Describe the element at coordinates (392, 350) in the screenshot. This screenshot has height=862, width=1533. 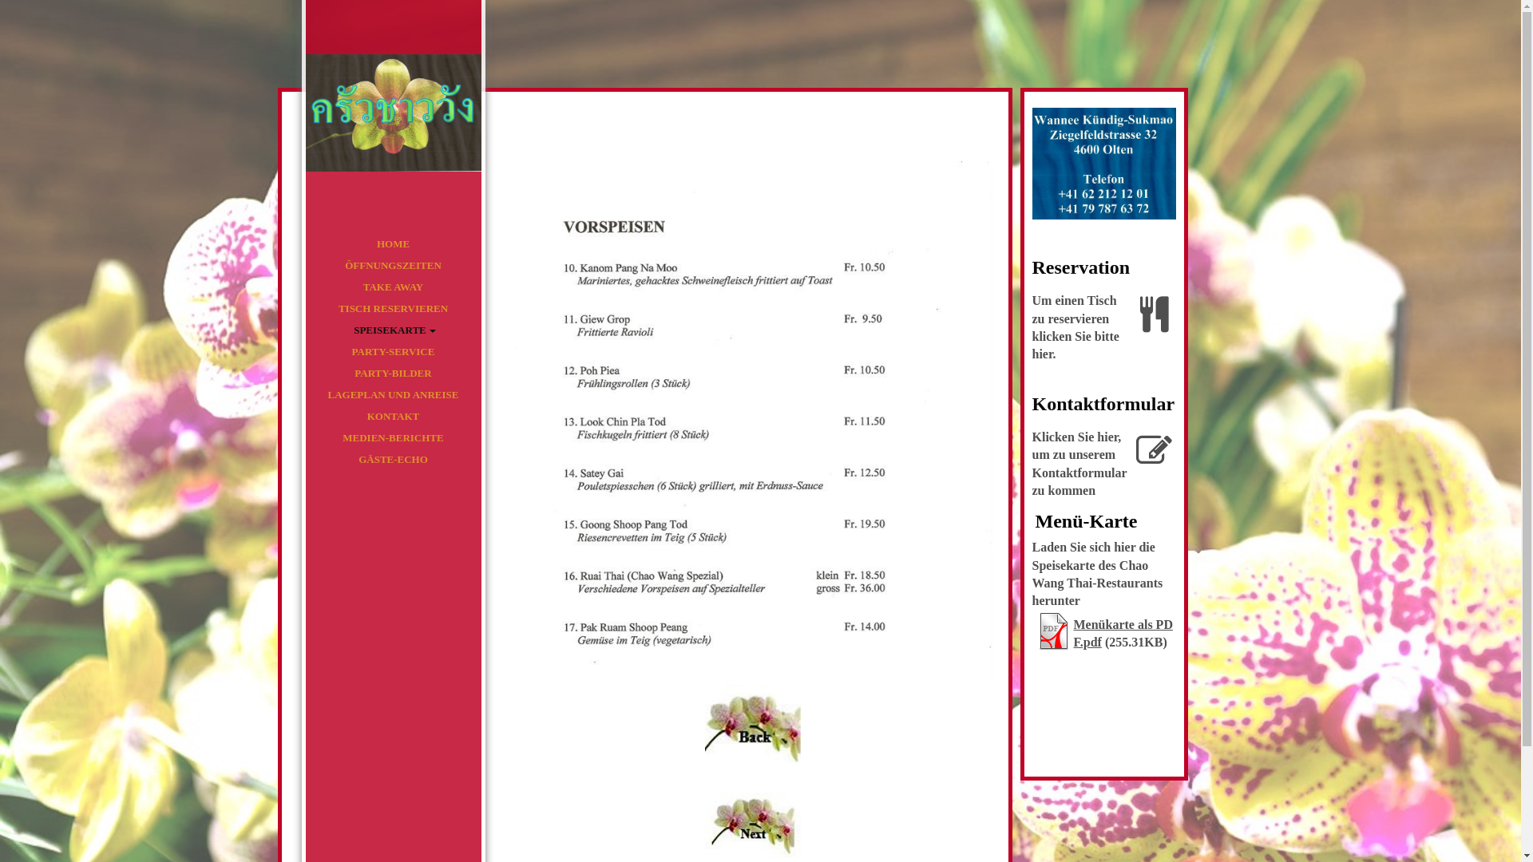
I see `'PARTY-SERVICE'` at that location.